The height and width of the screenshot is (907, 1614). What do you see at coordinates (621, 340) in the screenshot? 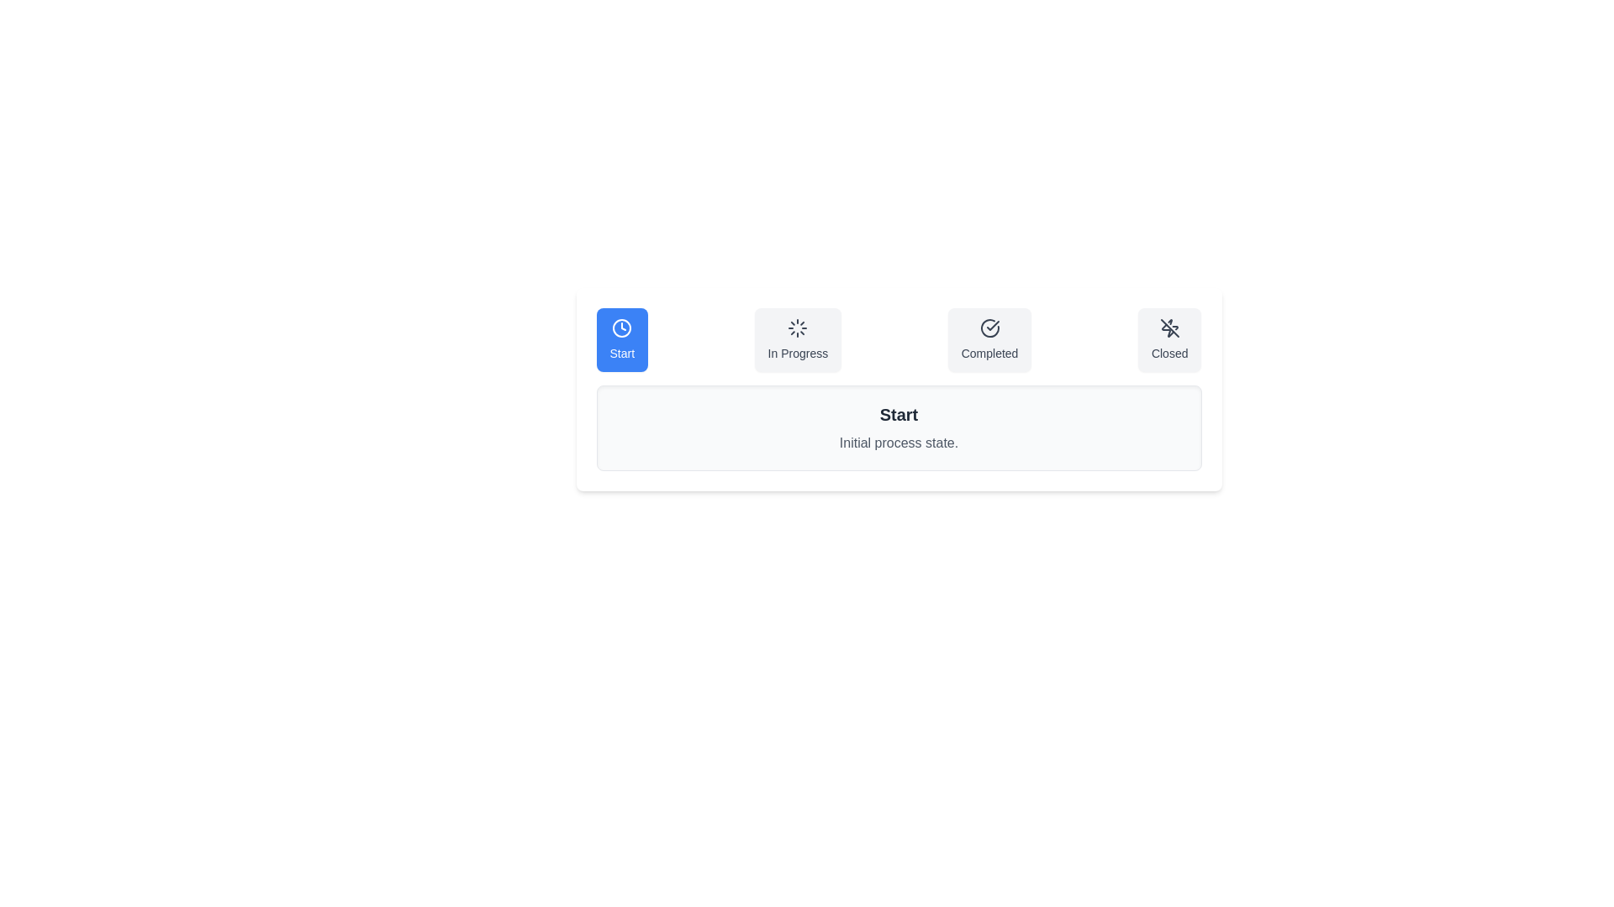
I see `the Start tab to select it` at bounding box center [621, 340].